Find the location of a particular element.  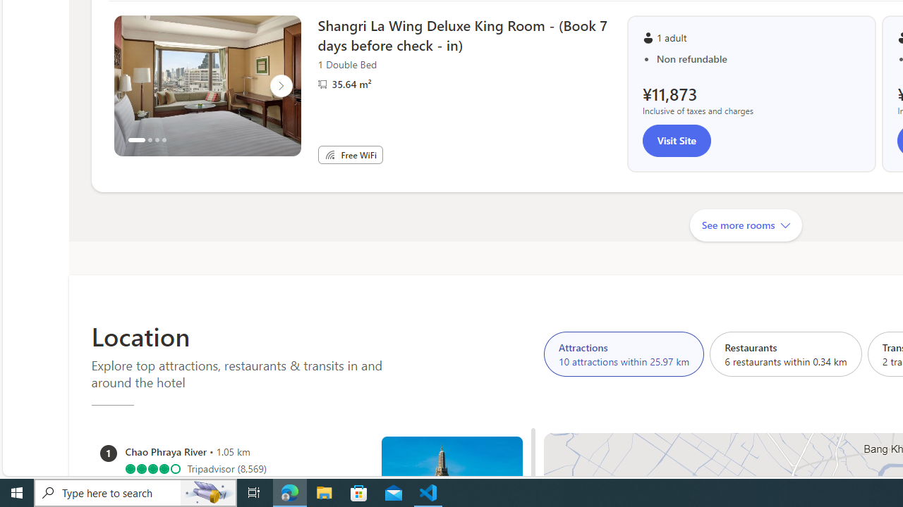

'Restaurants 6 restaurants within 0.34 km' is located at coordinates (785, 353).